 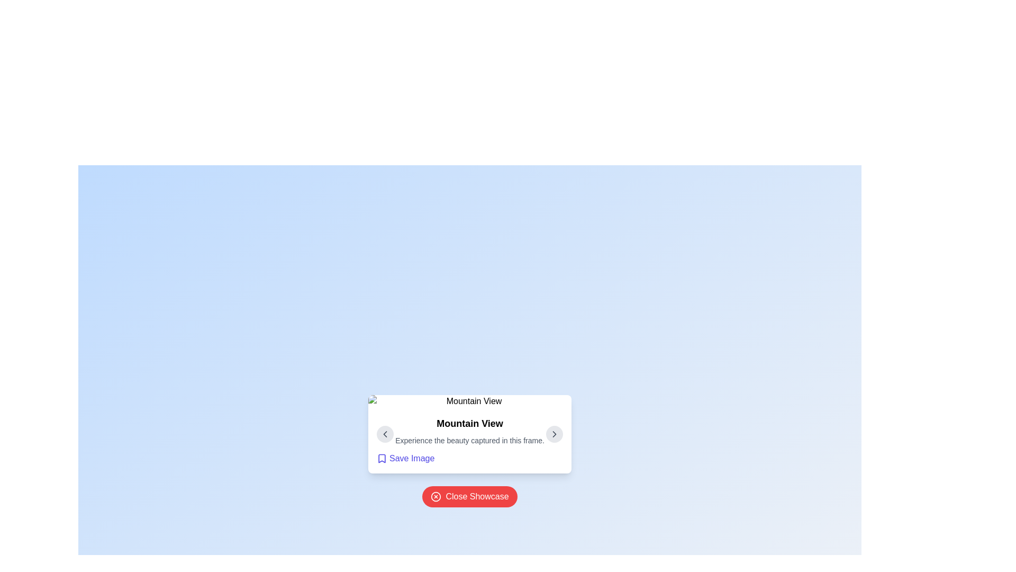 What do you see at coordinates (469, 441) in the screenshot?
I see `descriptive text 'Experience the beauty captured in this frame.' located in the informative card section titled 'Mountain View'` at bounding box center [469, 441].